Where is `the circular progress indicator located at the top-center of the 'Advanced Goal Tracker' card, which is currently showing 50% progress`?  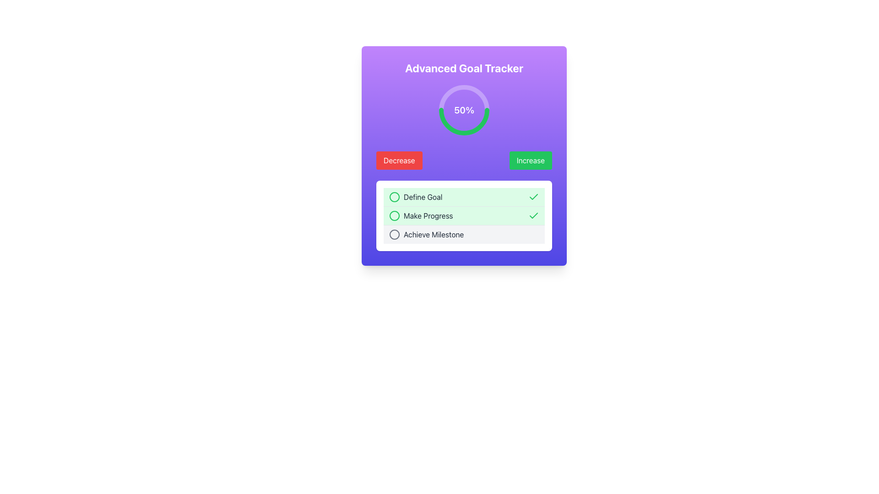 the circular progress indicator located at the top-center of the 'Advanced Goal Tracker' card, which is currently showing 50% progress is located at coordinates (464, 109).